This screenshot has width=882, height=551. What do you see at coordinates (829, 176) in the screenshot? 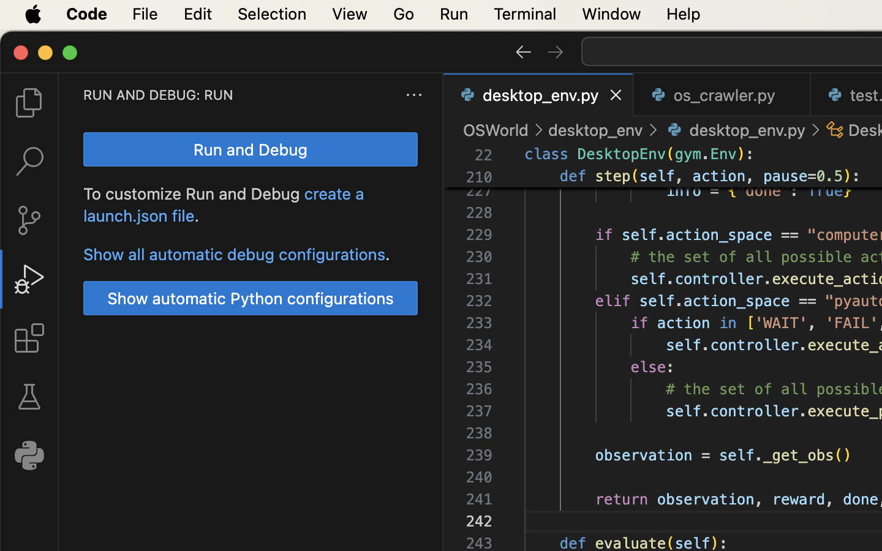
I see `'0.5'` at bounding box center [829, 176].